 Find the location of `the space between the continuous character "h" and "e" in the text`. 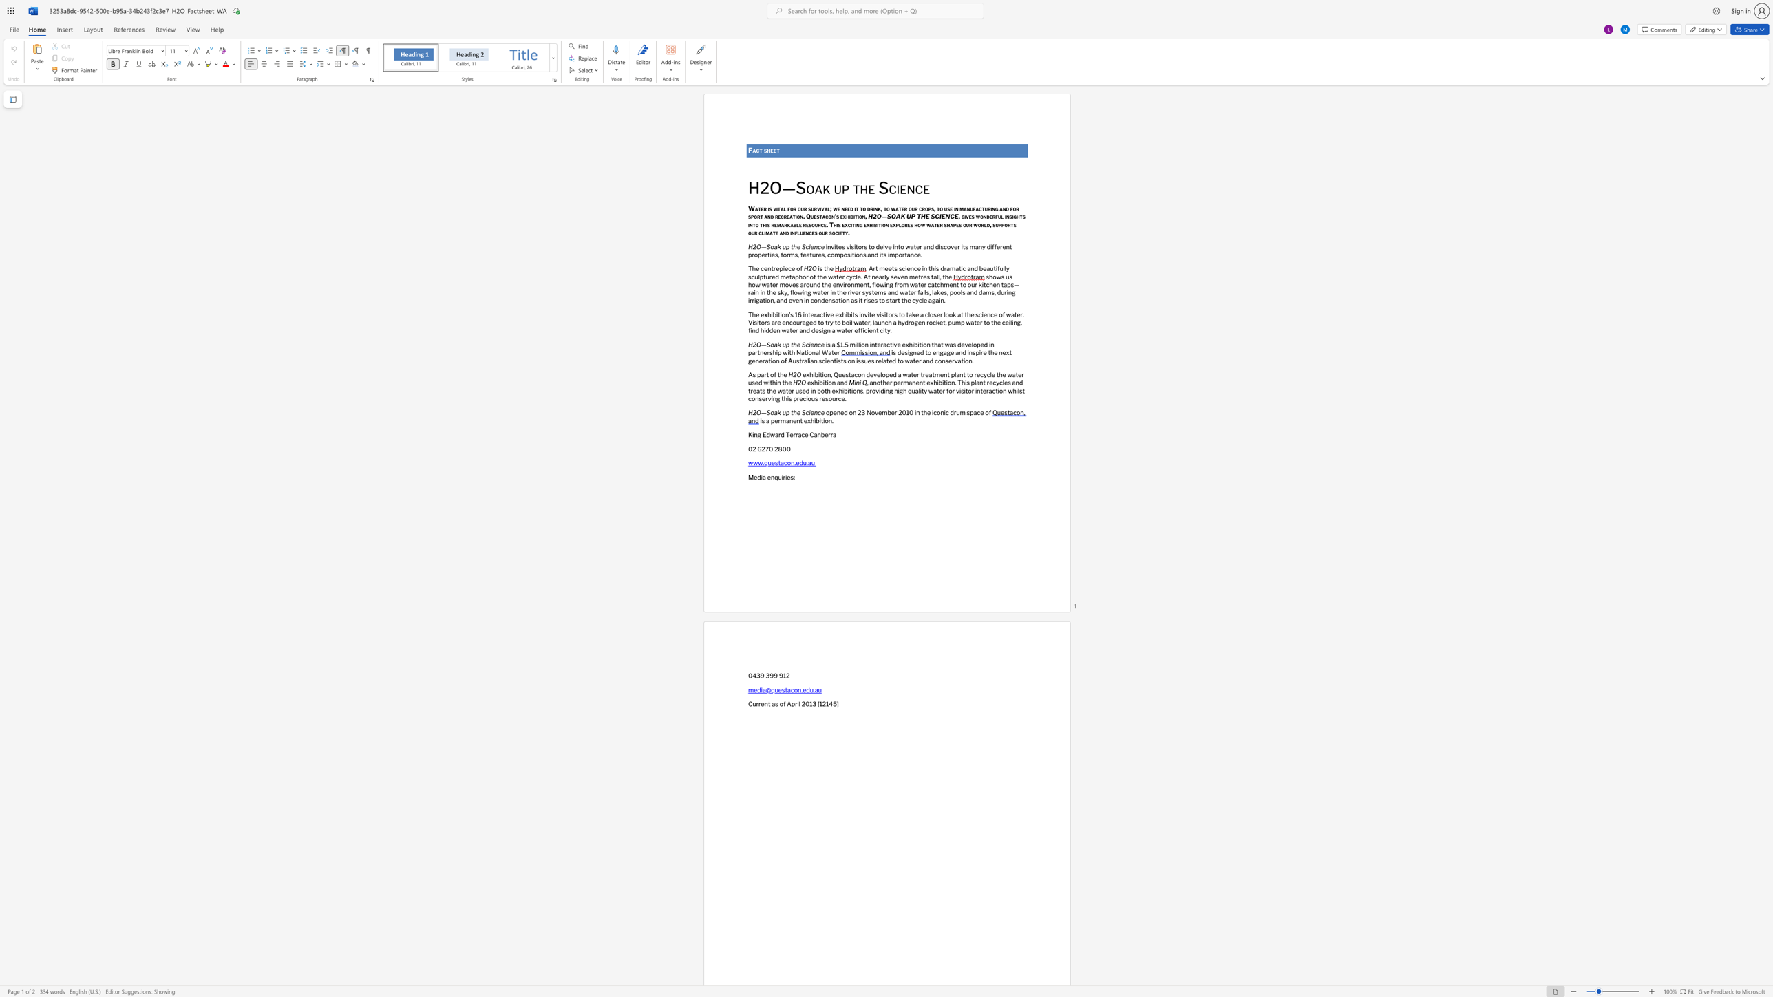

the space between the continuous character "h" and "e" in the text is located at coordinates (770, 150).